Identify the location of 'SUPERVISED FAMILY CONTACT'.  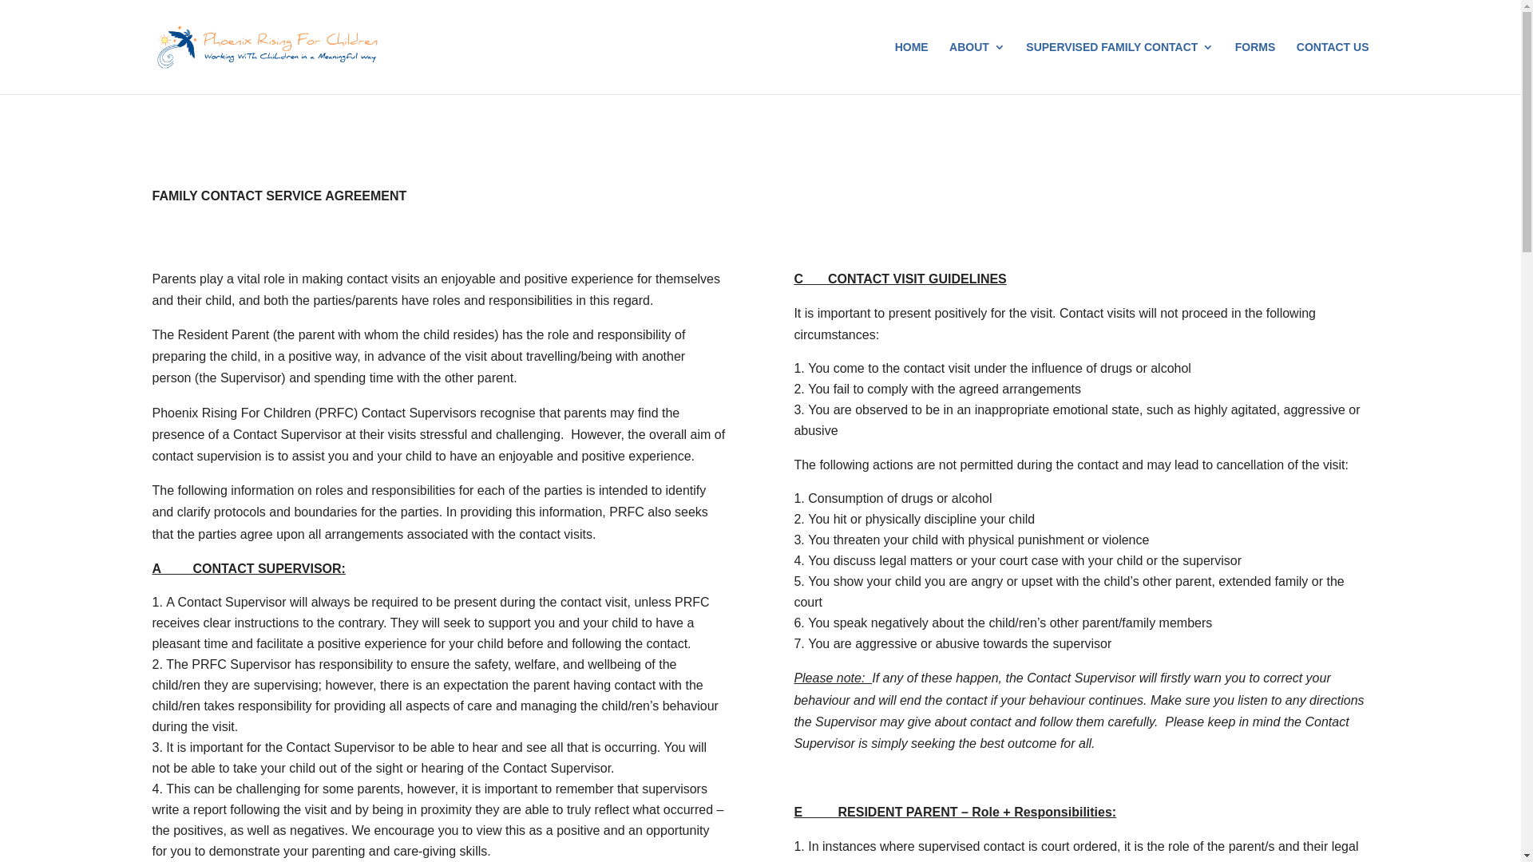
(1119, 66).